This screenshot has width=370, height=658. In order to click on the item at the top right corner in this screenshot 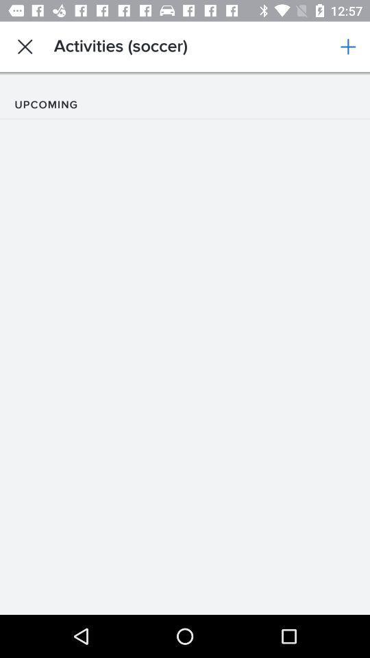, I will do `click(348, 47)`.